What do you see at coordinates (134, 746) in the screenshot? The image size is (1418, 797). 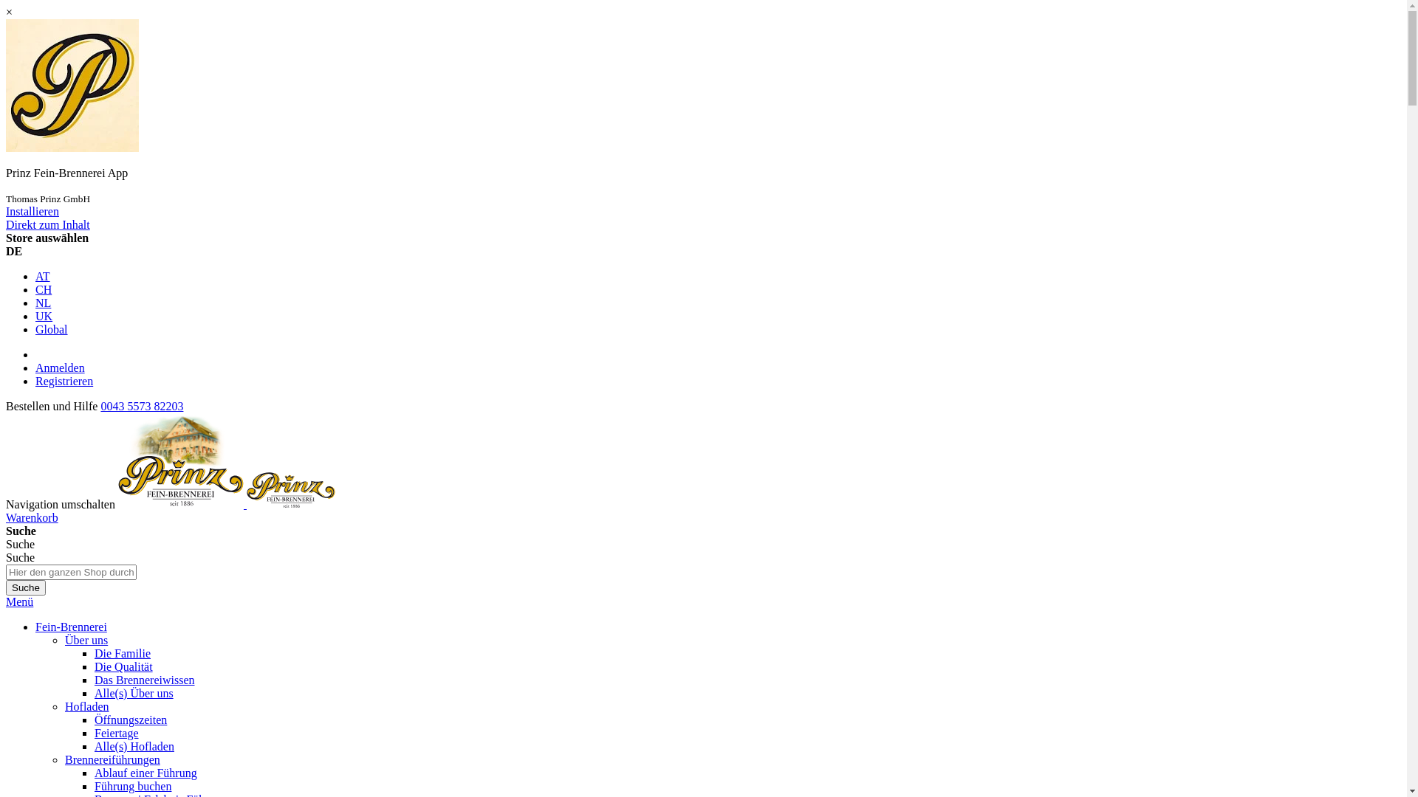 I see `'Alle(s) Hofladen'` at bounding box center [134, 746].